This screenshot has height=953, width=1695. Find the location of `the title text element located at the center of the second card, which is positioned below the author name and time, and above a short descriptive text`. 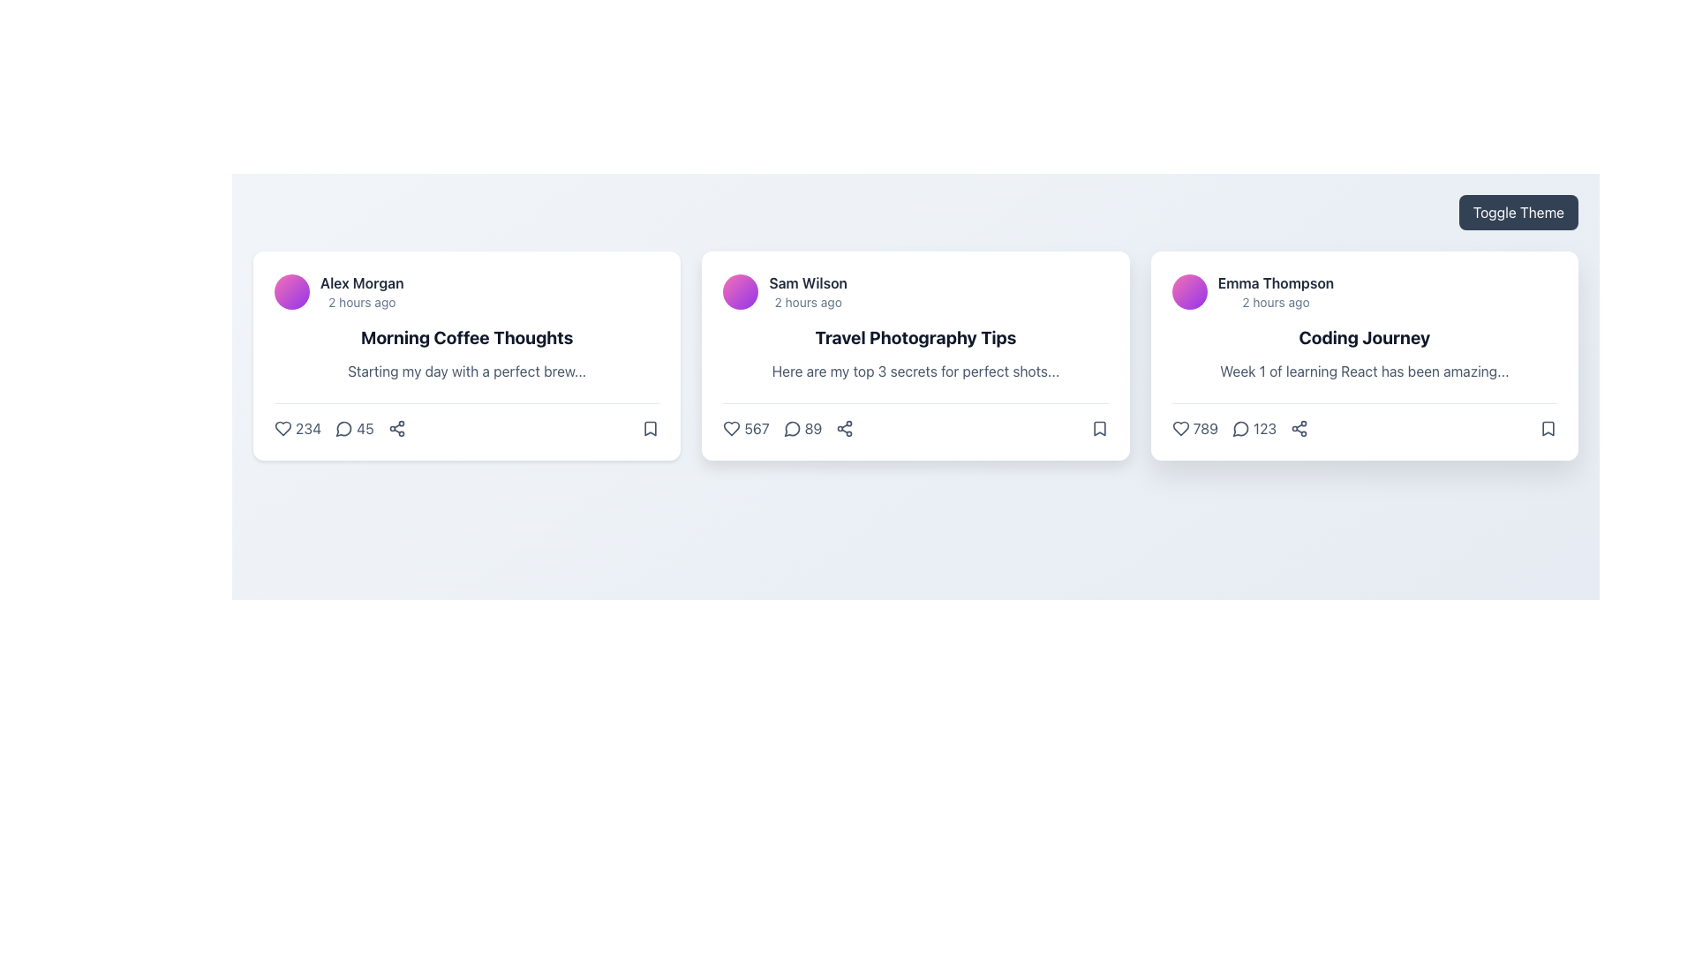

the title text element located at the center of the second card, which is positioned below the author name and time, and above a short descriptive text is located at coordinates (915, 337).